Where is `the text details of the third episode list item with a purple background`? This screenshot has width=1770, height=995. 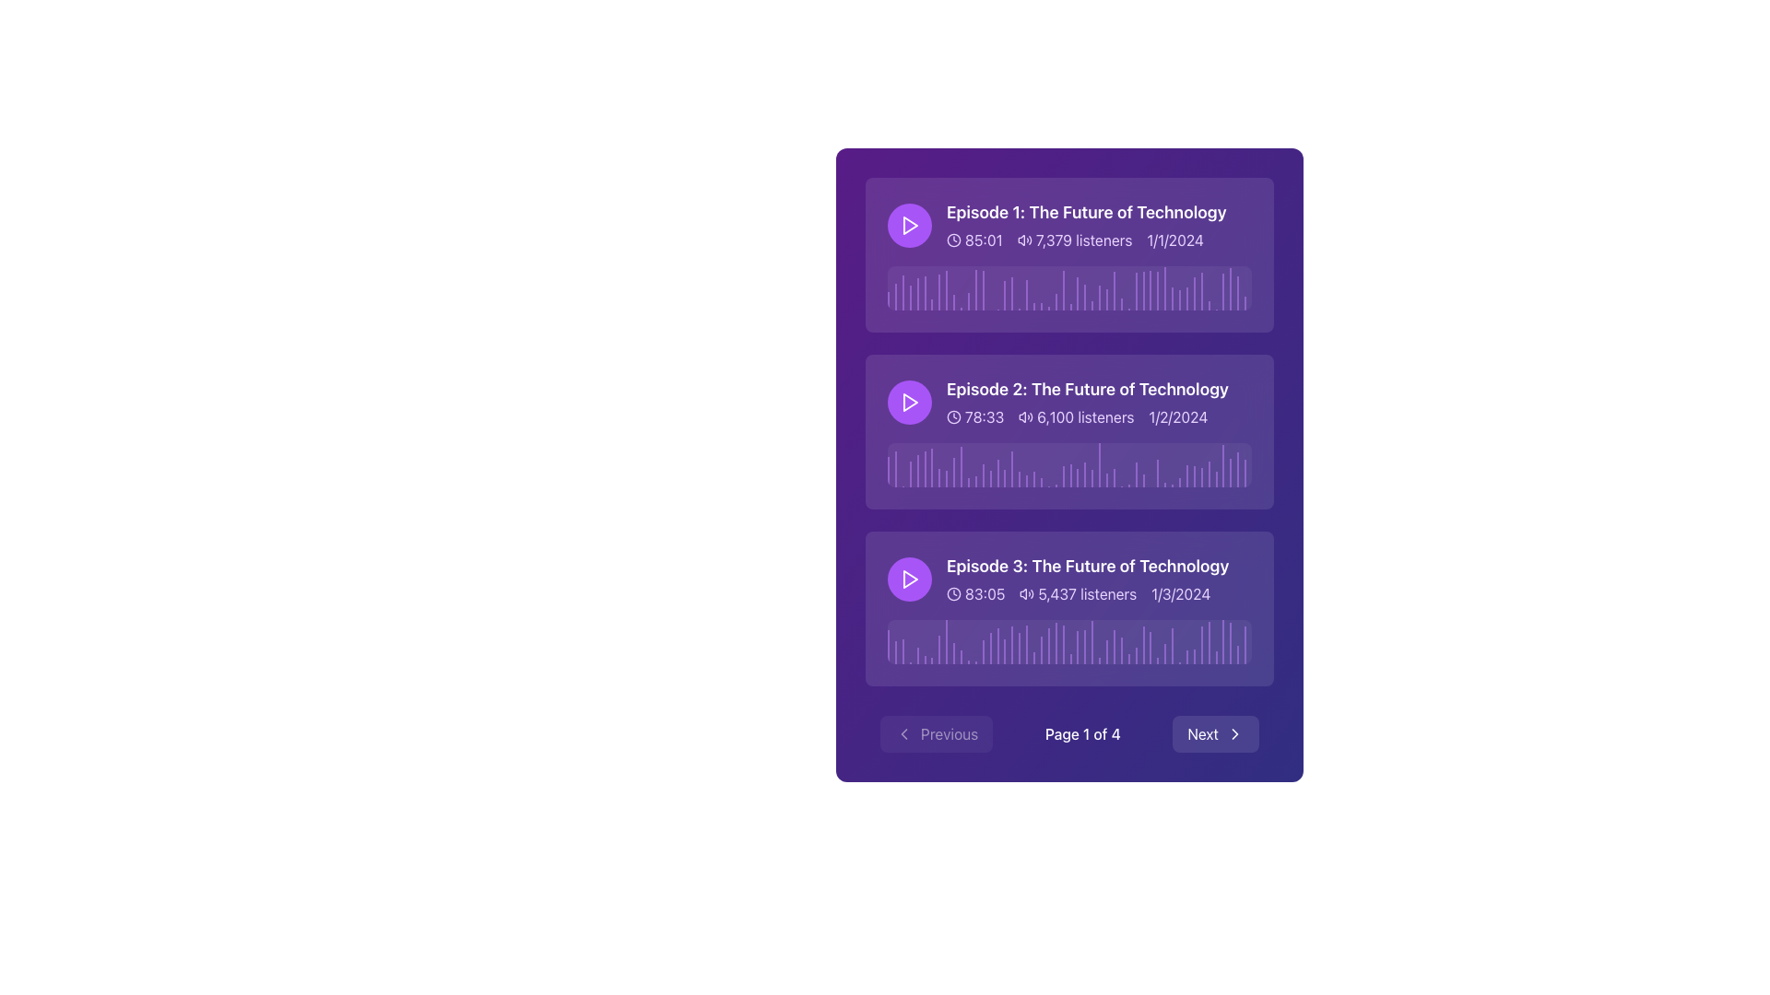
the text details of the third episode list item with a purple background is located at coordinates (1069, 578).